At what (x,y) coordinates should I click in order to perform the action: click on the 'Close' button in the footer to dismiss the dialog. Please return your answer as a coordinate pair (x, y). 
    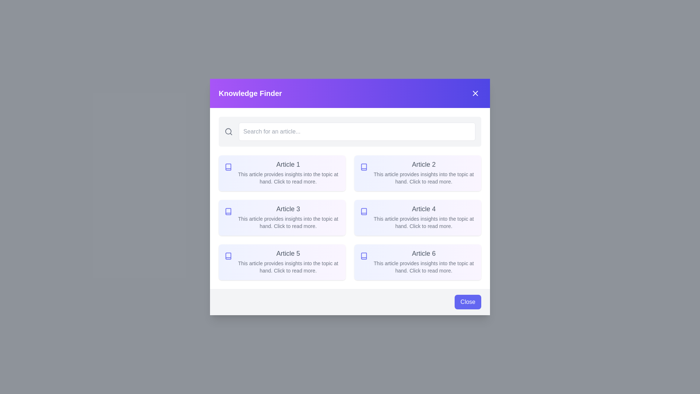
    Looking at the image, I should click on (468, 302).